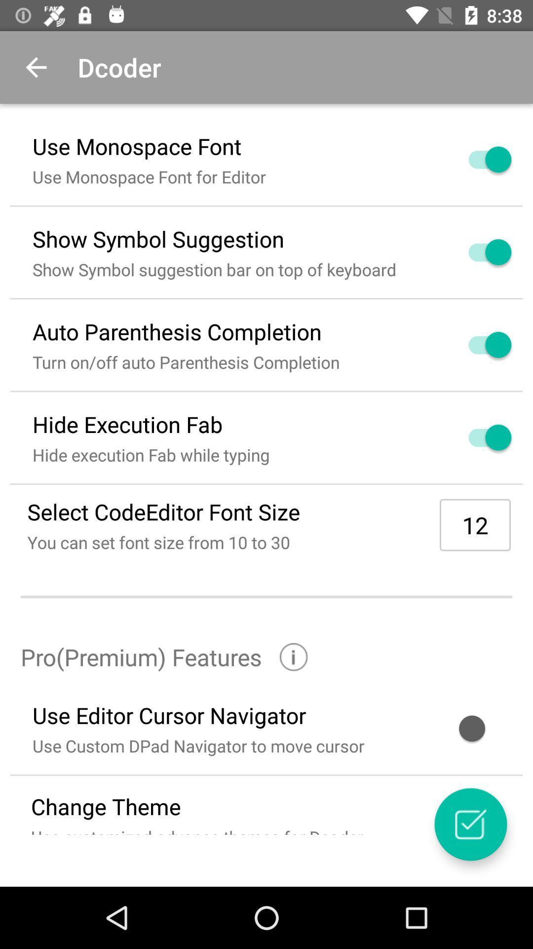  I want to click on item next to use customized advance, so click(470, 824).